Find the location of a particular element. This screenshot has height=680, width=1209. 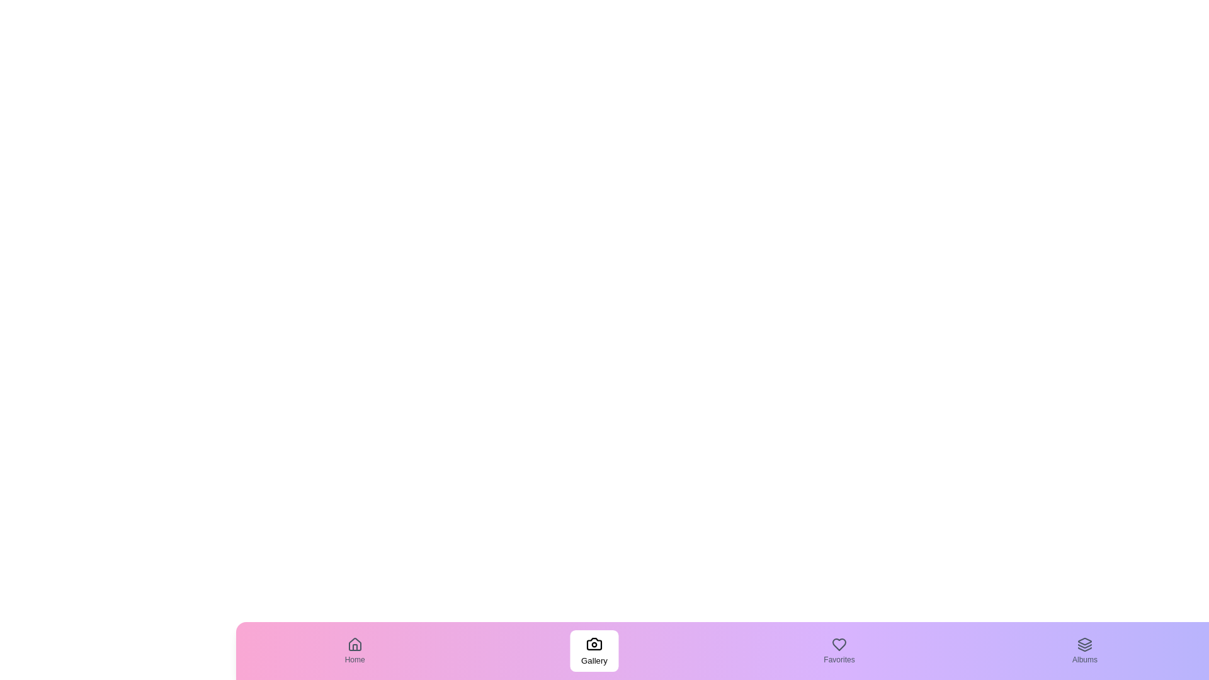

the albums tab in the navigation bar is located at coordinates (1084, 650).